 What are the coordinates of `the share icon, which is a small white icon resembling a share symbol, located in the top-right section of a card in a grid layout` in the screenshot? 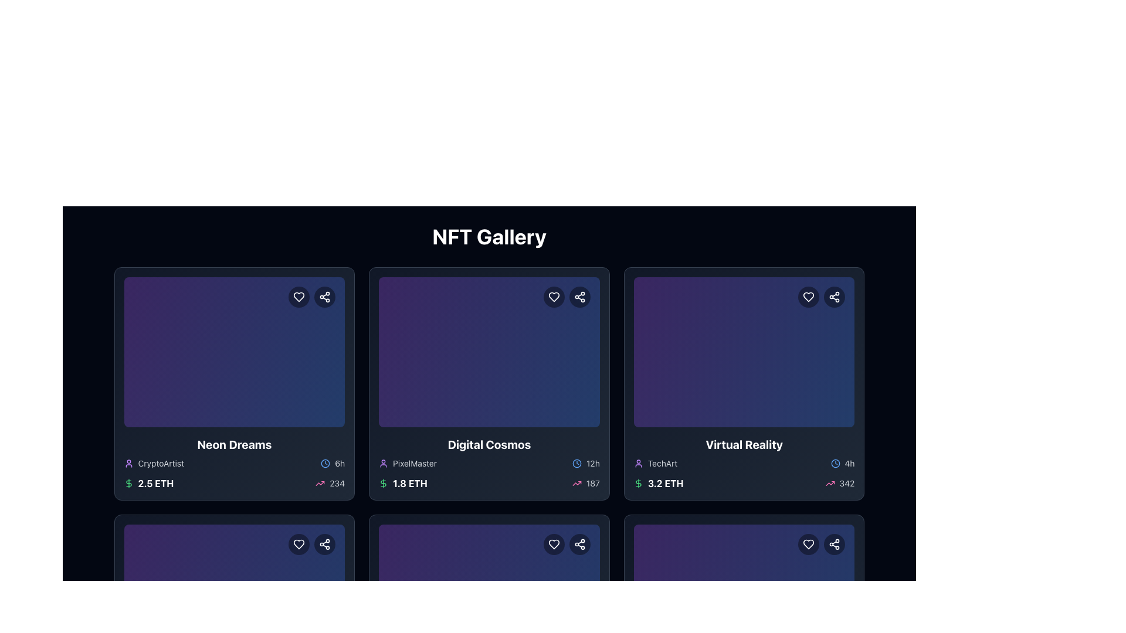 It's located at (325, 544).